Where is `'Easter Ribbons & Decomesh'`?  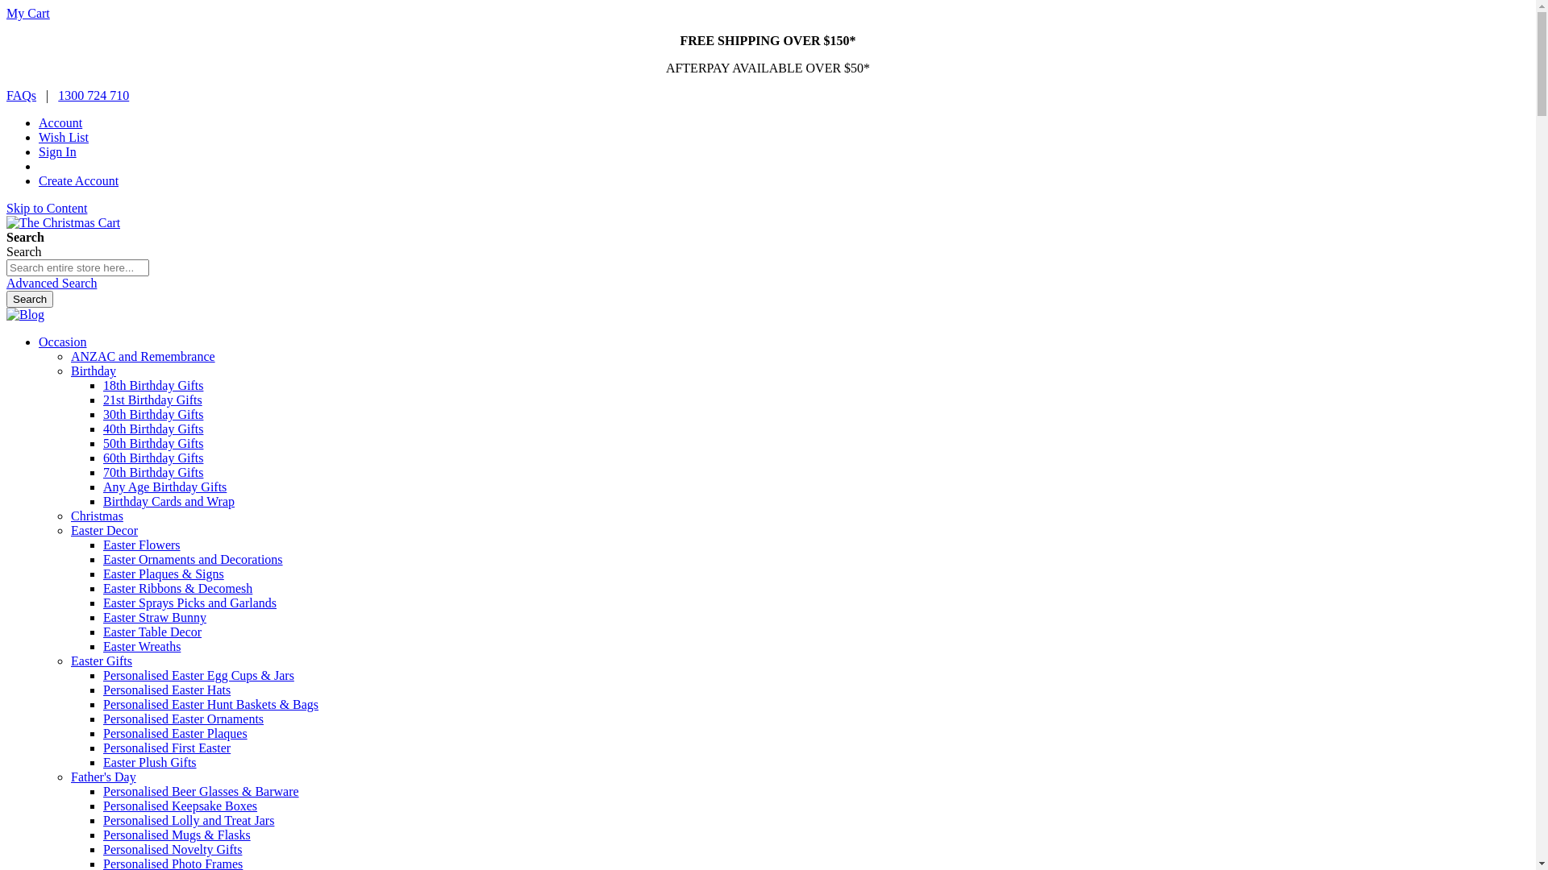 'Easter Ribbons & Decomesh' is located at coordinates (177, 588).